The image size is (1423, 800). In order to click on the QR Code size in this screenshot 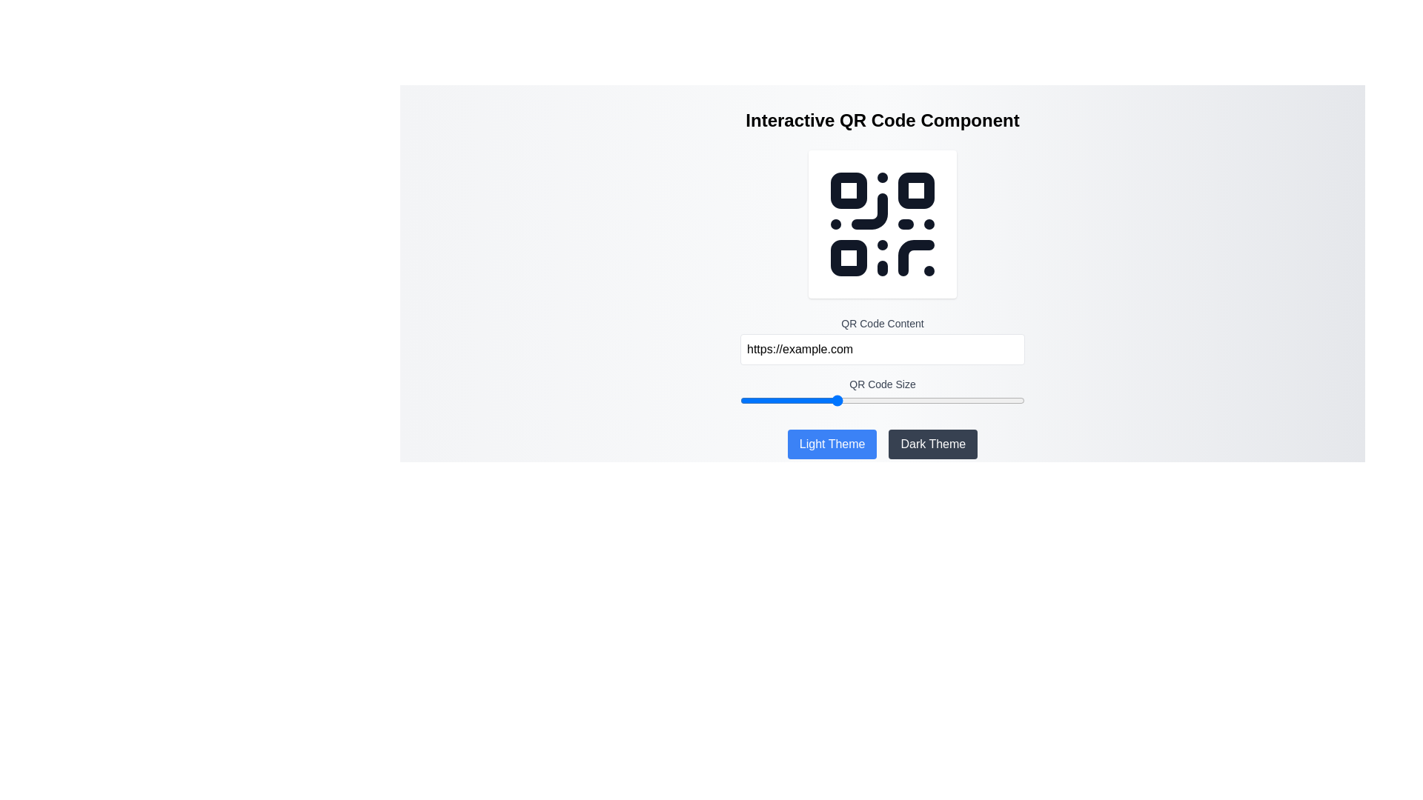, I will do `click(942, 400)`.